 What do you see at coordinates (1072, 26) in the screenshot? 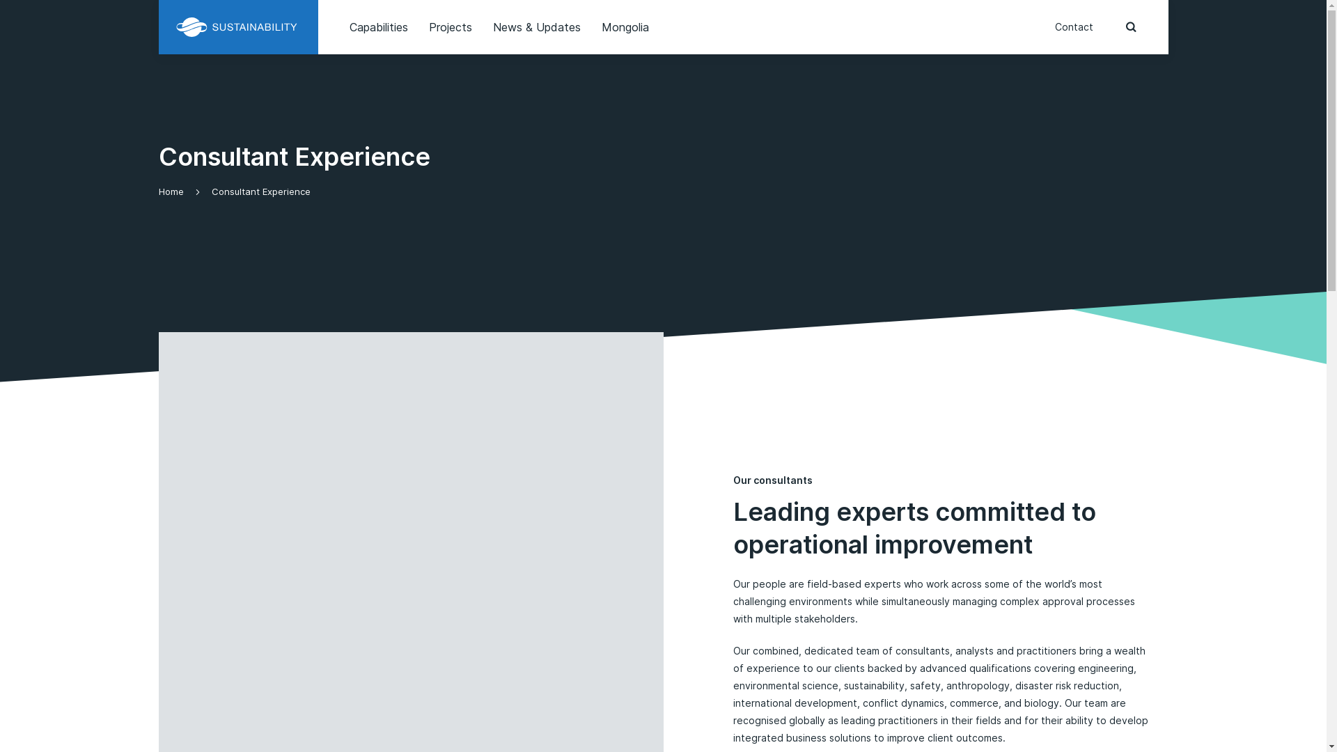
I see `'Contact'` at bounding box center [1072, 26].